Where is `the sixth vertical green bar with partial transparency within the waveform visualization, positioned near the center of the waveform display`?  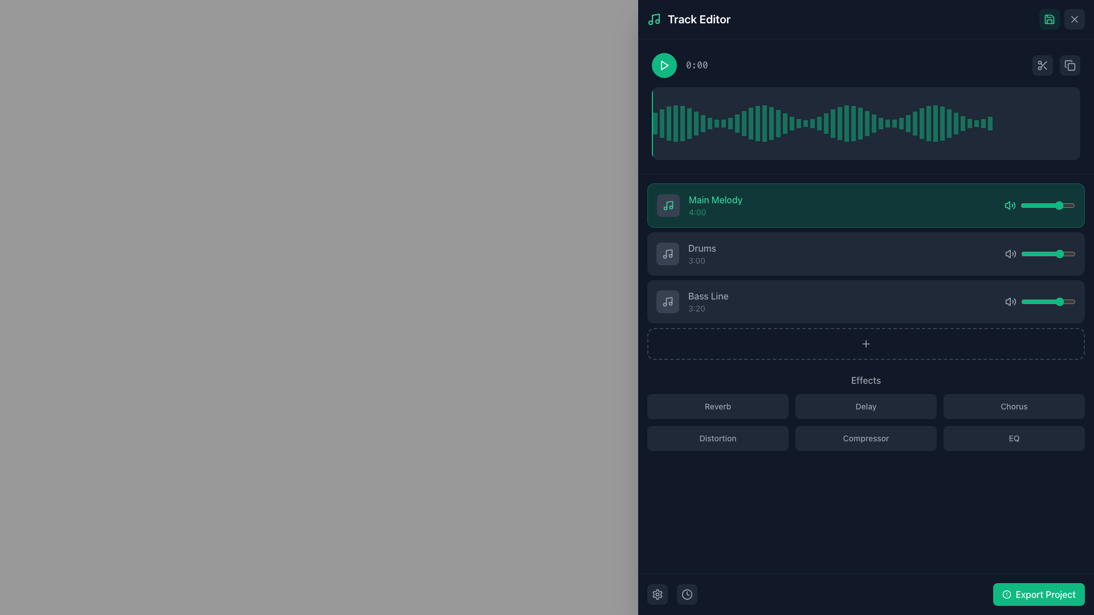
the sixth vertical green bar with partial transparency within the waveform visualization, positioned near the center of the waveform display is located at coordinates (688, 123).